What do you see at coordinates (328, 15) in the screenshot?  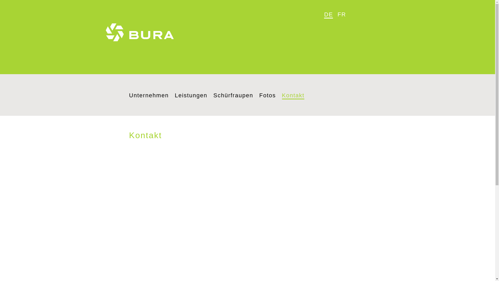 I see `'DE'` at bounding box center [328, 15].